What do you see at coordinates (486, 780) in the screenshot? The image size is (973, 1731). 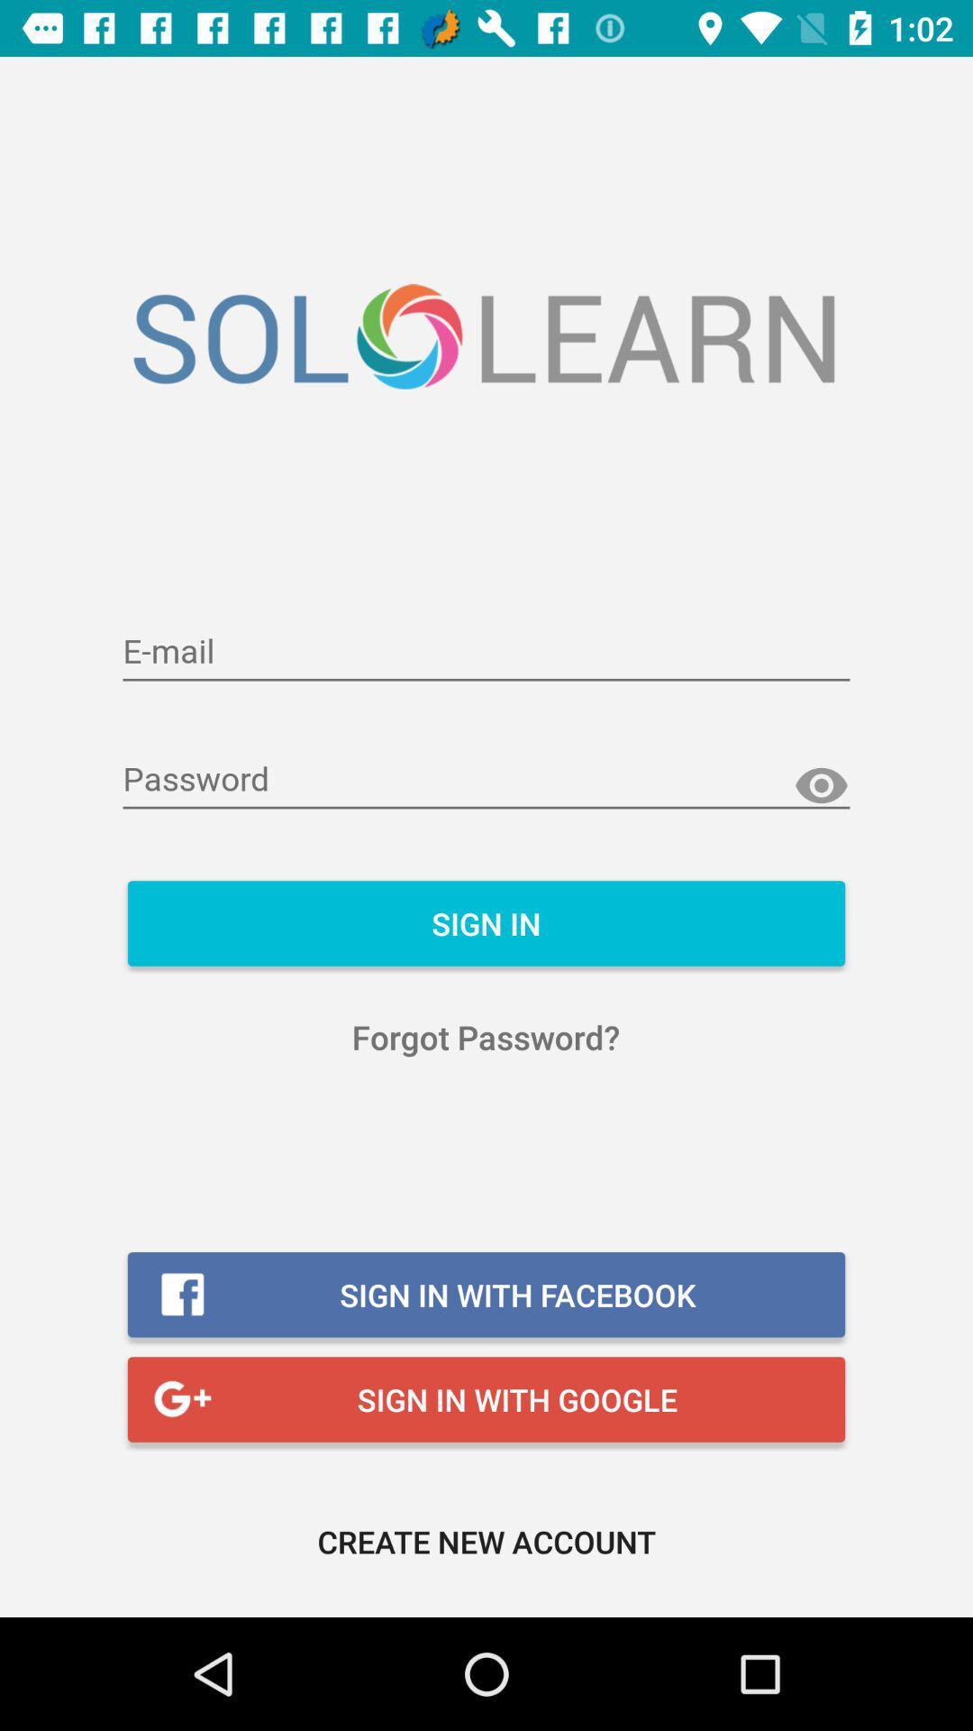 I see `password field` at bounding box center [486, 780].